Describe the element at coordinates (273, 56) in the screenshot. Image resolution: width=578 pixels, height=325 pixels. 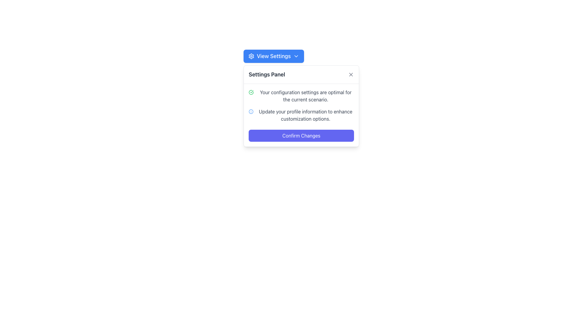
I see `the blue rectangular button labeled 'View Settings' with a settings icon` at that location.